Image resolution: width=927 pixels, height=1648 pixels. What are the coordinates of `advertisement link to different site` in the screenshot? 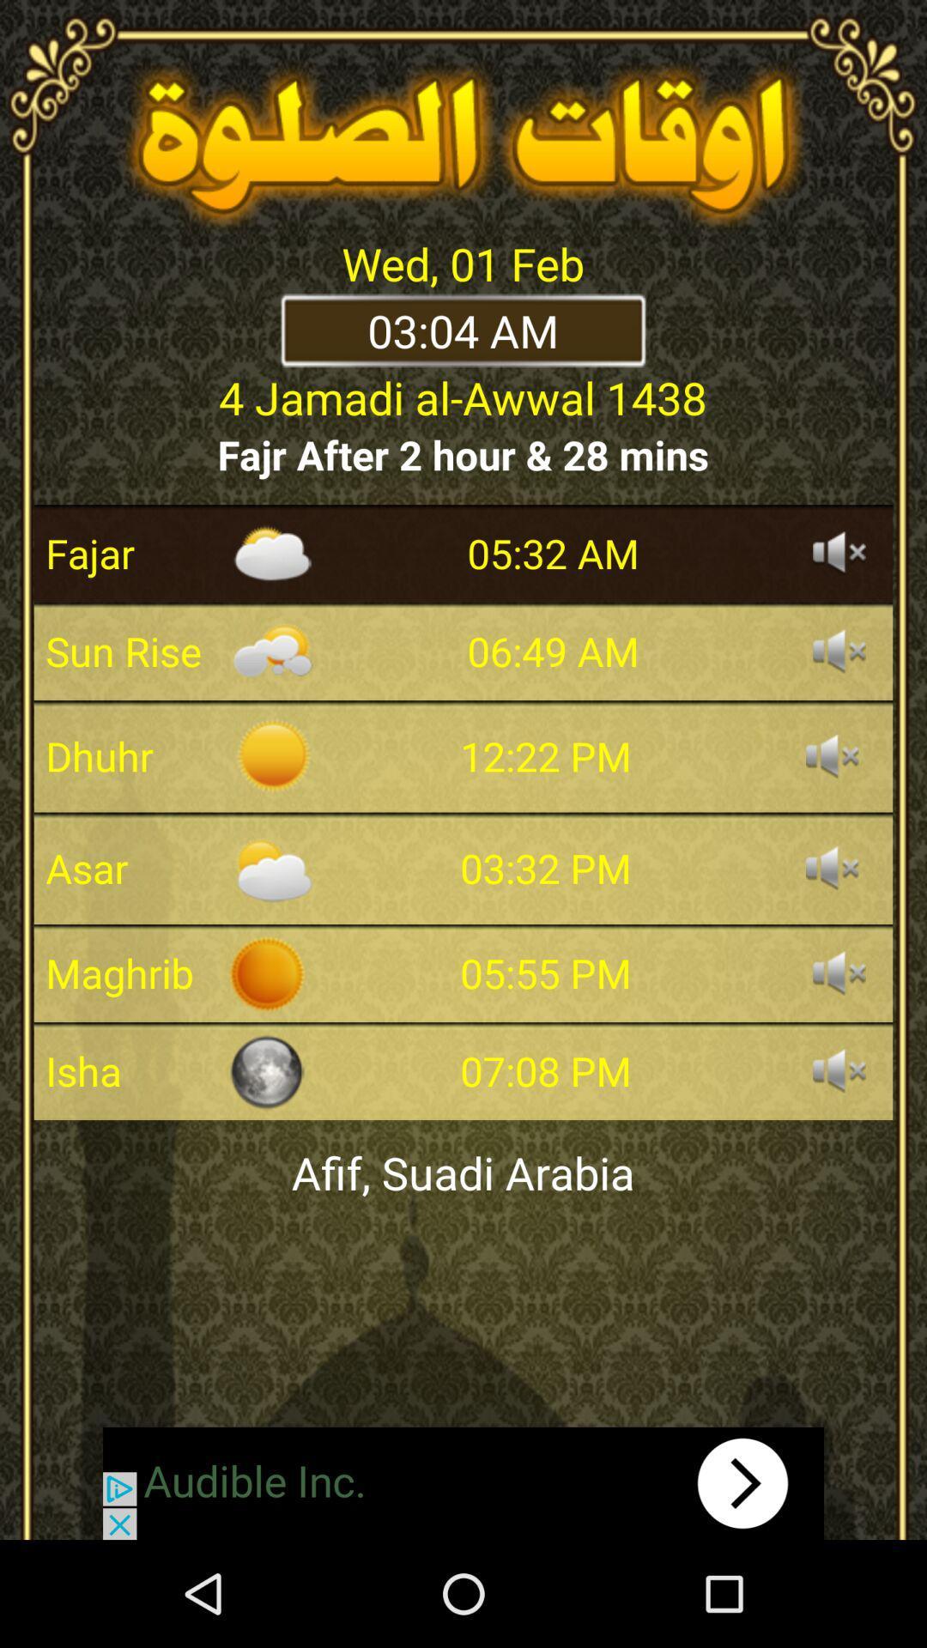 It's located at (463, 1482).